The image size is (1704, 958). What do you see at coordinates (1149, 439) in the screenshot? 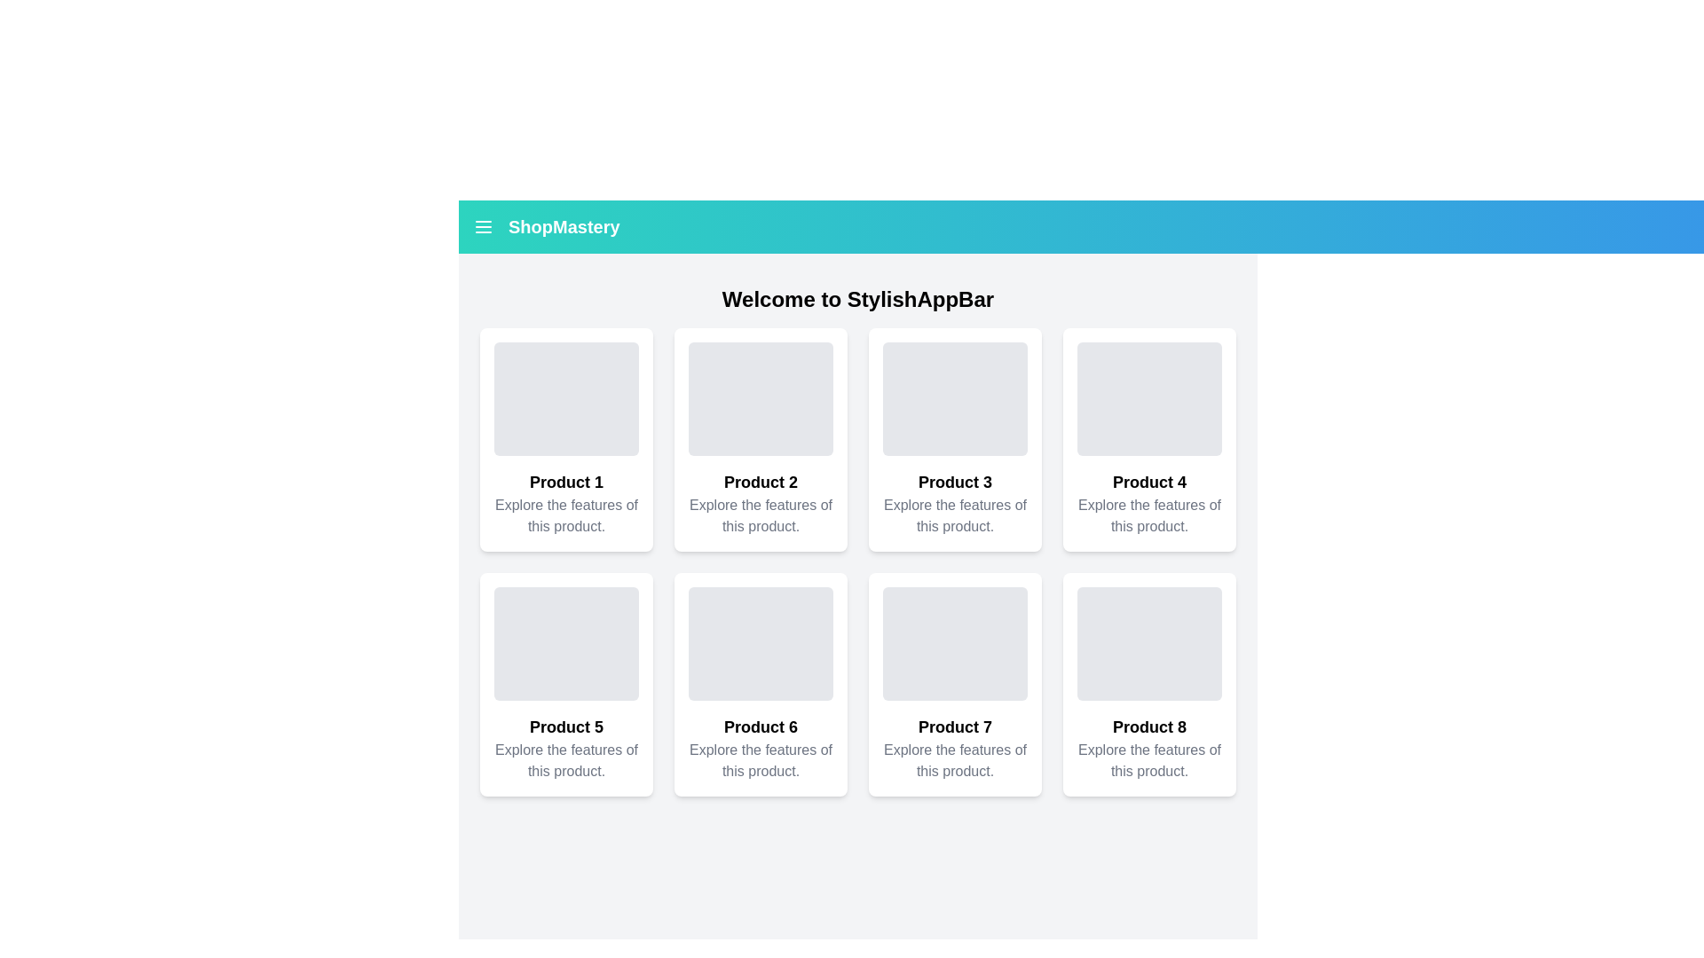
I see `the product card labeled 'Product 4' located in the top row of the grid, fourth from the left` at bounding box center [1149, 439].